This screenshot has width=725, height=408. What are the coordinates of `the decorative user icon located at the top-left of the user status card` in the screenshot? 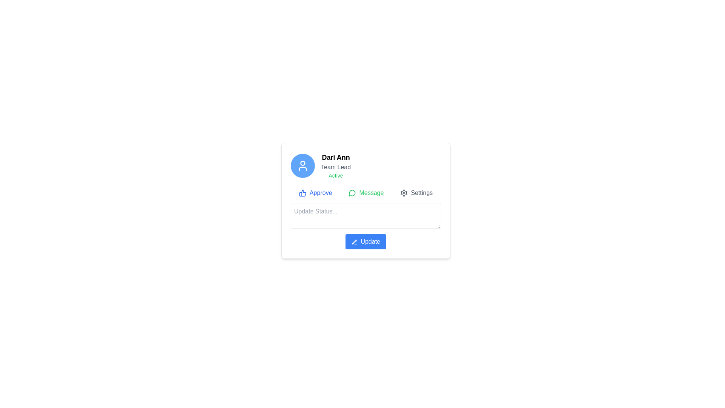 It's located at (302, 168).